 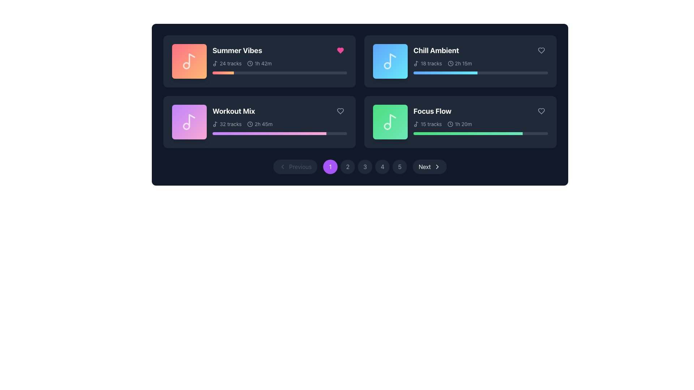 What do you see at coordinates (227, 123) in the screenshot?
I see `the informational Text with icon displaying the number of tracks available, located in the bottom-left card titled 'Workout Mix', positioned above a progress bar` at bounding box center [227, 123].